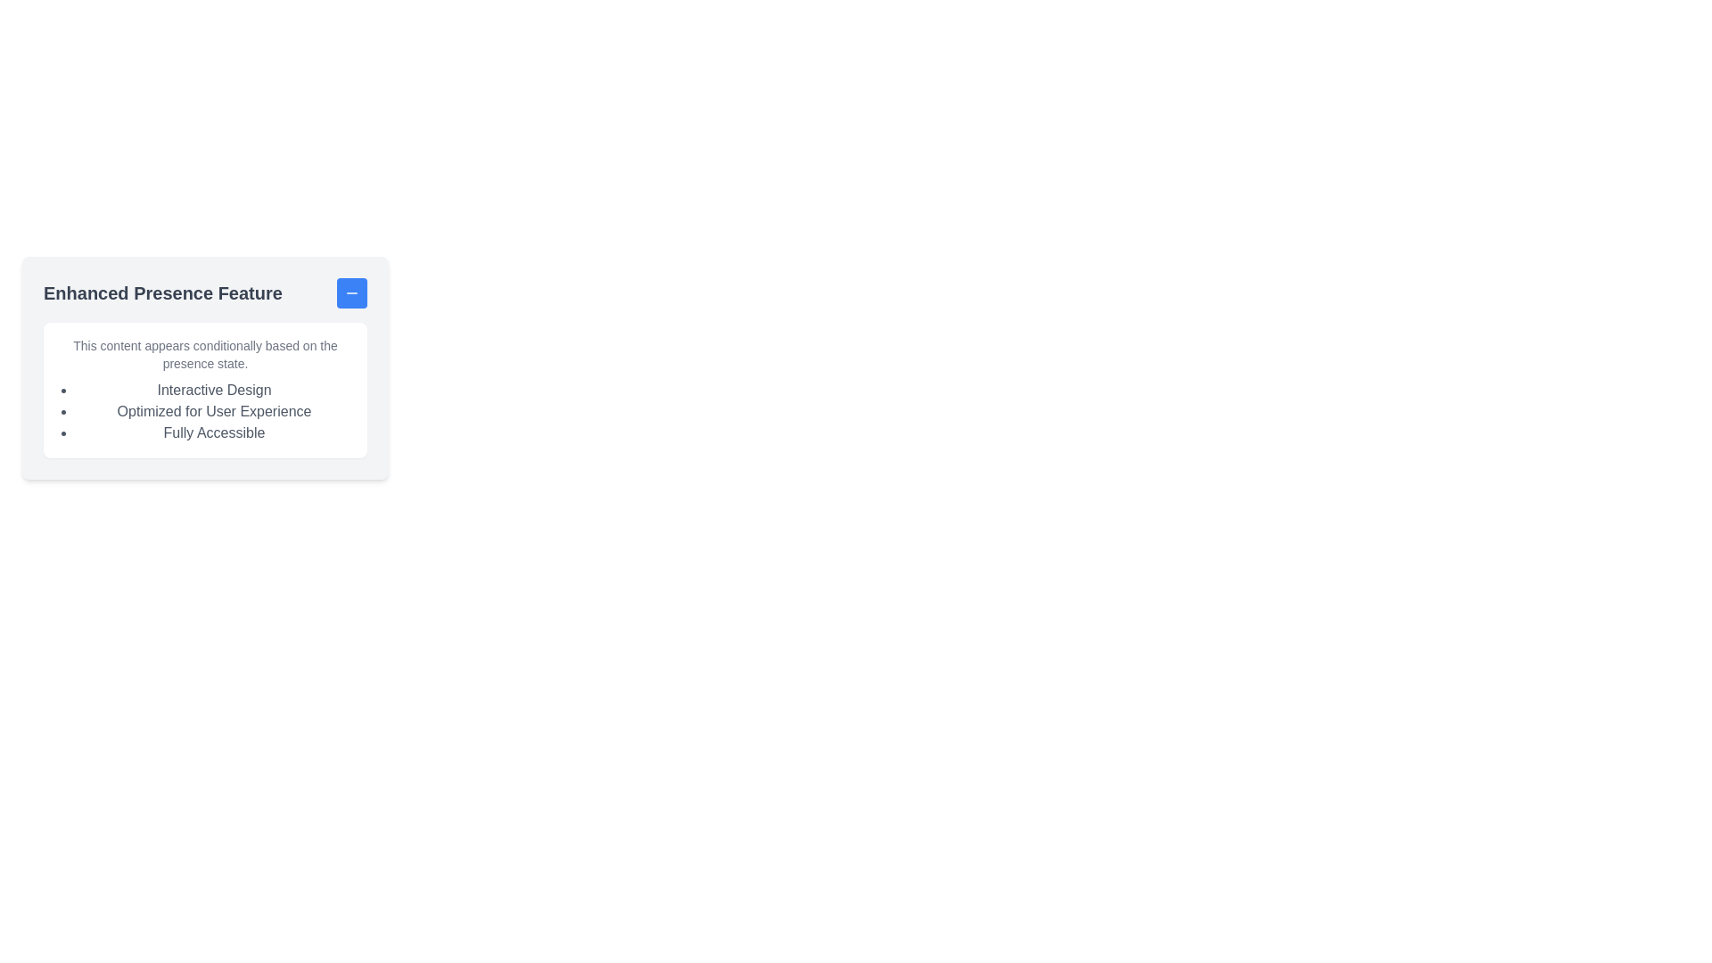 The width and height of the screenshot is (1712, 963). What do you see at coordinates (214, 390) in the screenshot?
I see `the static text element that describes a feature in the 'Enhanced Presence Feature' list, located above 'Optimized for User Experience' and 'Fully Accessible'` at bounding box center [214, 390].